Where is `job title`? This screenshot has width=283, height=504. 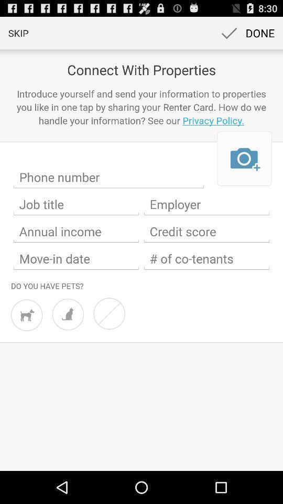
job title is located at coordinates (75, 204).